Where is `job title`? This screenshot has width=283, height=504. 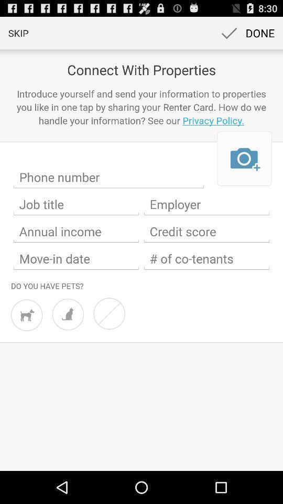
job title is located at coordinates (75, 204).